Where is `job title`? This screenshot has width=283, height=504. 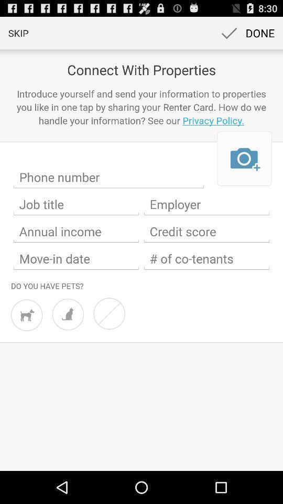
job title is located at coordinates (75, 204).